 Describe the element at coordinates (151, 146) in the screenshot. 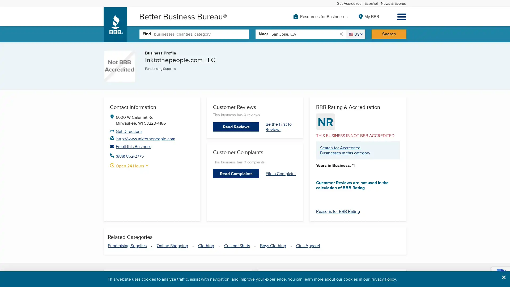

I see `Email this Business` at that location.